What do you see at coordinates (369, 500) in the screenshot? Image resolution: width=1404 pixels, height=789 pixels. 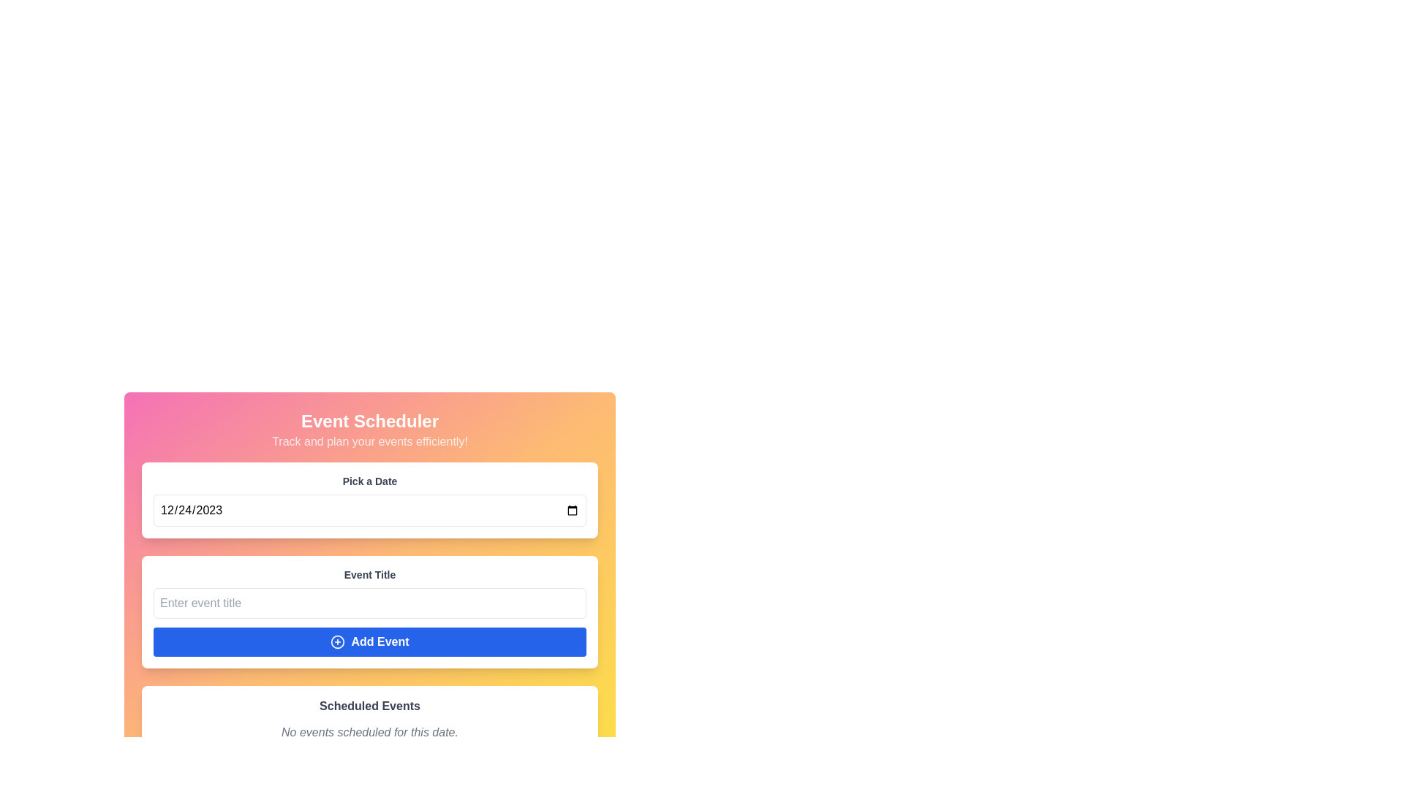 I see `the date input field of the 'Pick a Date' Form Input Group` at bounding box center [369, 500].